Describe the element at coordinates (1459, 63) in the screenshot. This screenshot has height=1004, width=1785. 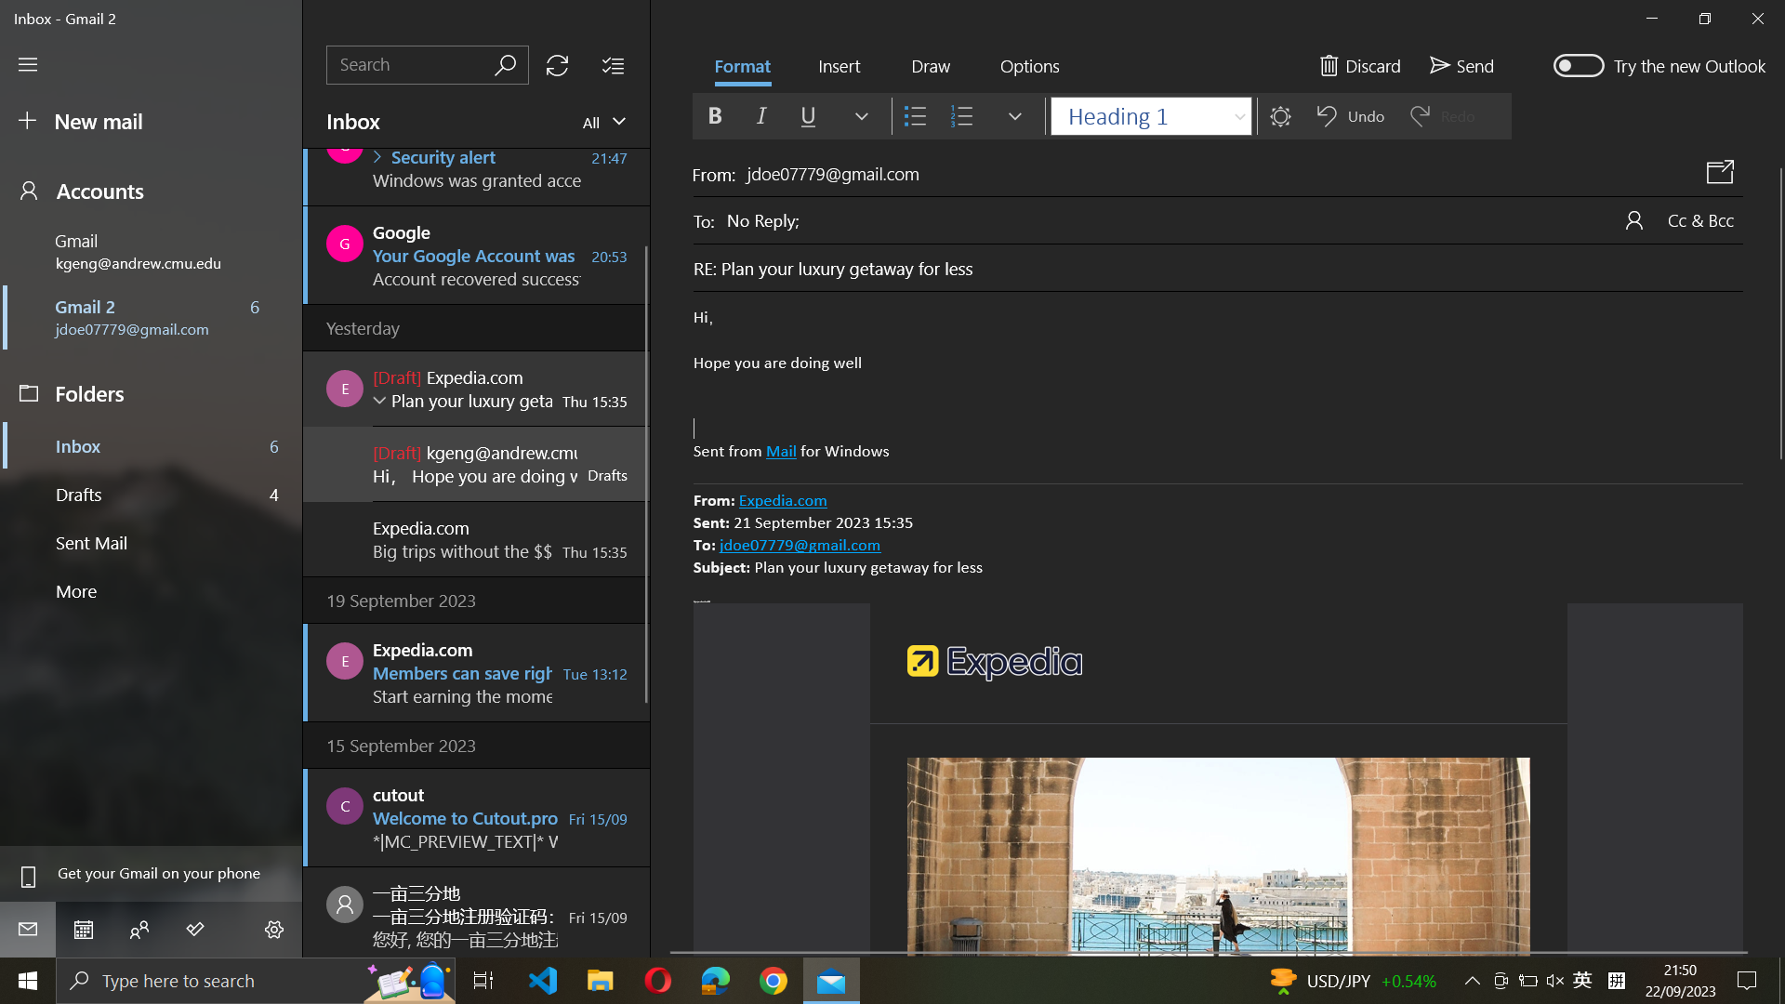
I see `Deliver the precreated mail` at that location.